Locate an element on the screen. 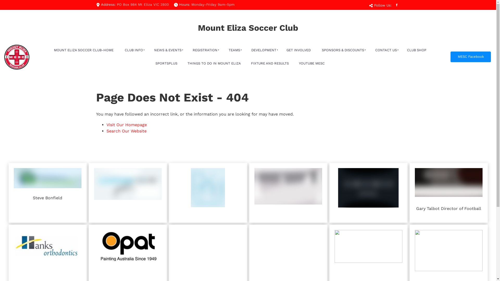 The image size is (500, 281). 'CONTACT US' is located at coordinates (385, 50).